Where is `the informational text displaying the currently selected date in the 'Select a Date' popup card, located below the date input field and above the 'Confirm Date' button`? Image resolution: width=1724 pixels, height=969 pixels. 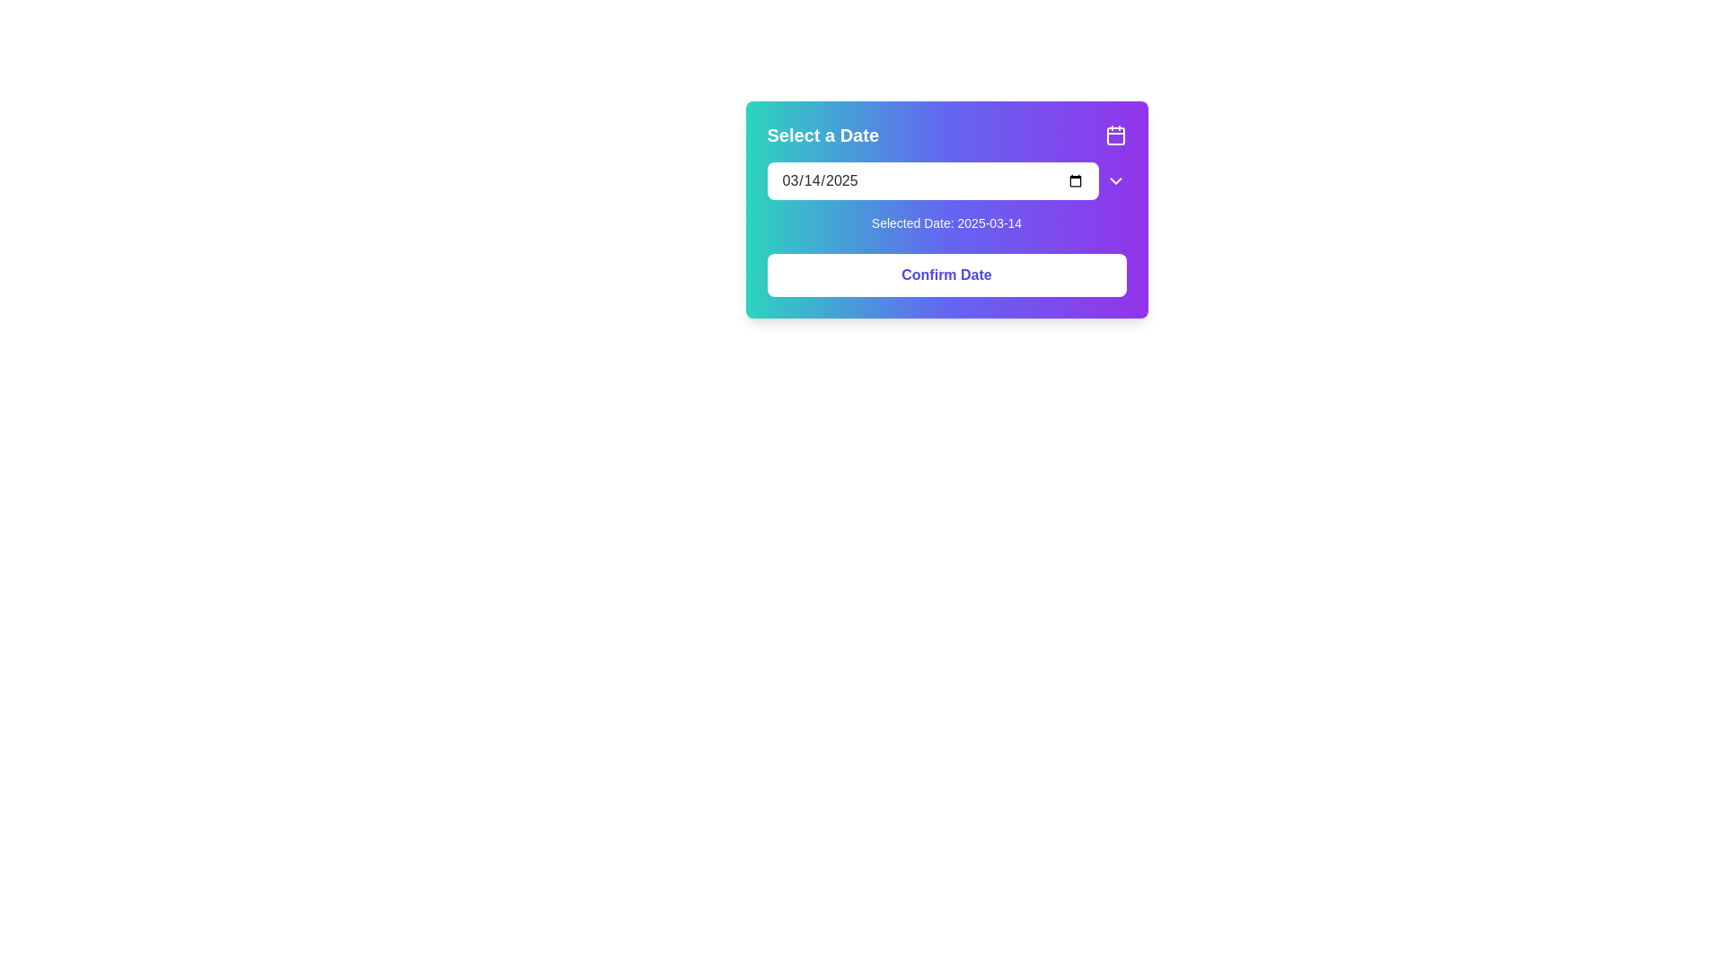 the informational text displaying the currently selected date in the 'Select a Date' popup card, located below the date input field and above the 'Confirm Date' button is located at coordinates (946, 223).